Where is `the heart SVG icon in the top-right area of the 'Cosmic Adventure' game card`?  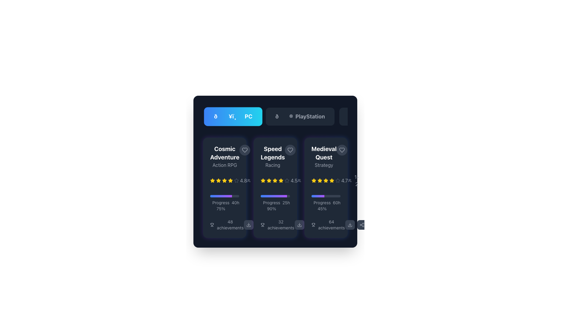 the heart SVG icon in the top-right area of the 'Cosmic Adventure' game card is located at coordinates (245, 150).